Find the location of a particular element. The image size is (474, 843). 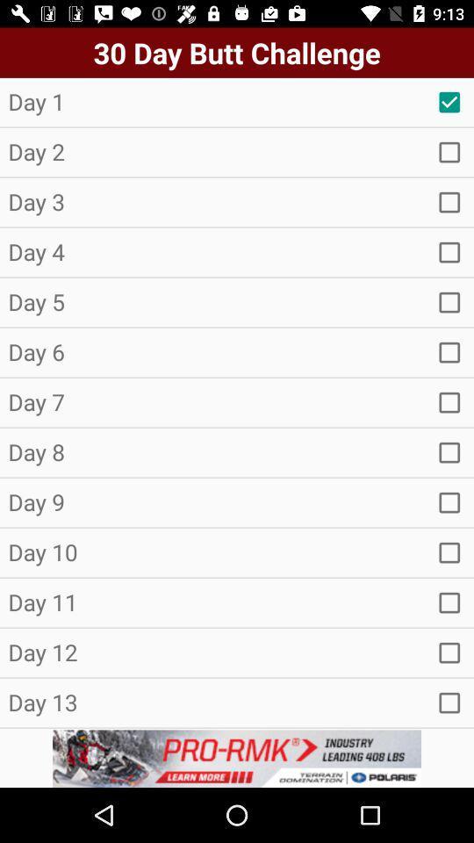

option is located at coordinates (449, 351).